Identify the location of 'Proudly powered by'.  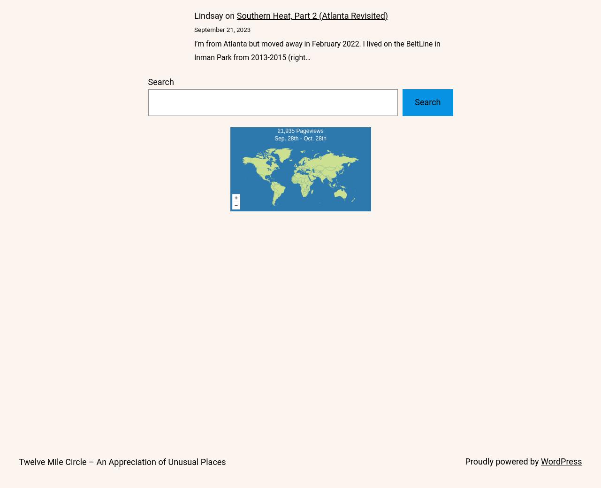
(502, 461).